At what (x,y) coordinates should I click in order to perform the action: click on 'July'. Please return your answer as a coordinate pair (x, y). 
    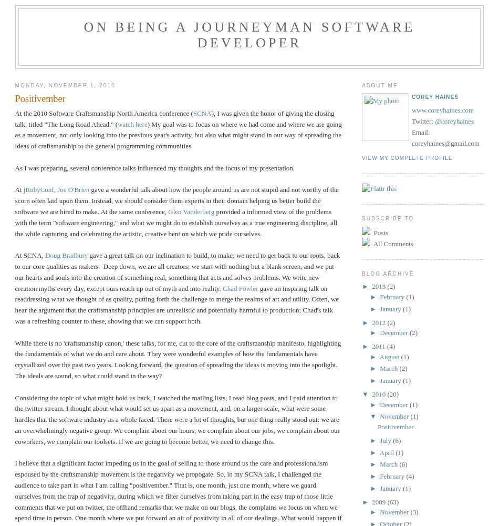
    Looking at the image, I should click on (386, 439).